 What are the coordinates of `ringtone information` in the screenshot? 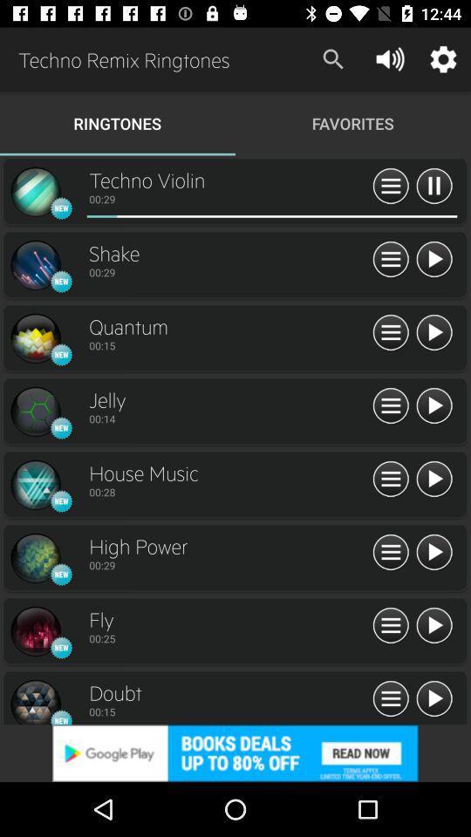 It's located at (391, 699).